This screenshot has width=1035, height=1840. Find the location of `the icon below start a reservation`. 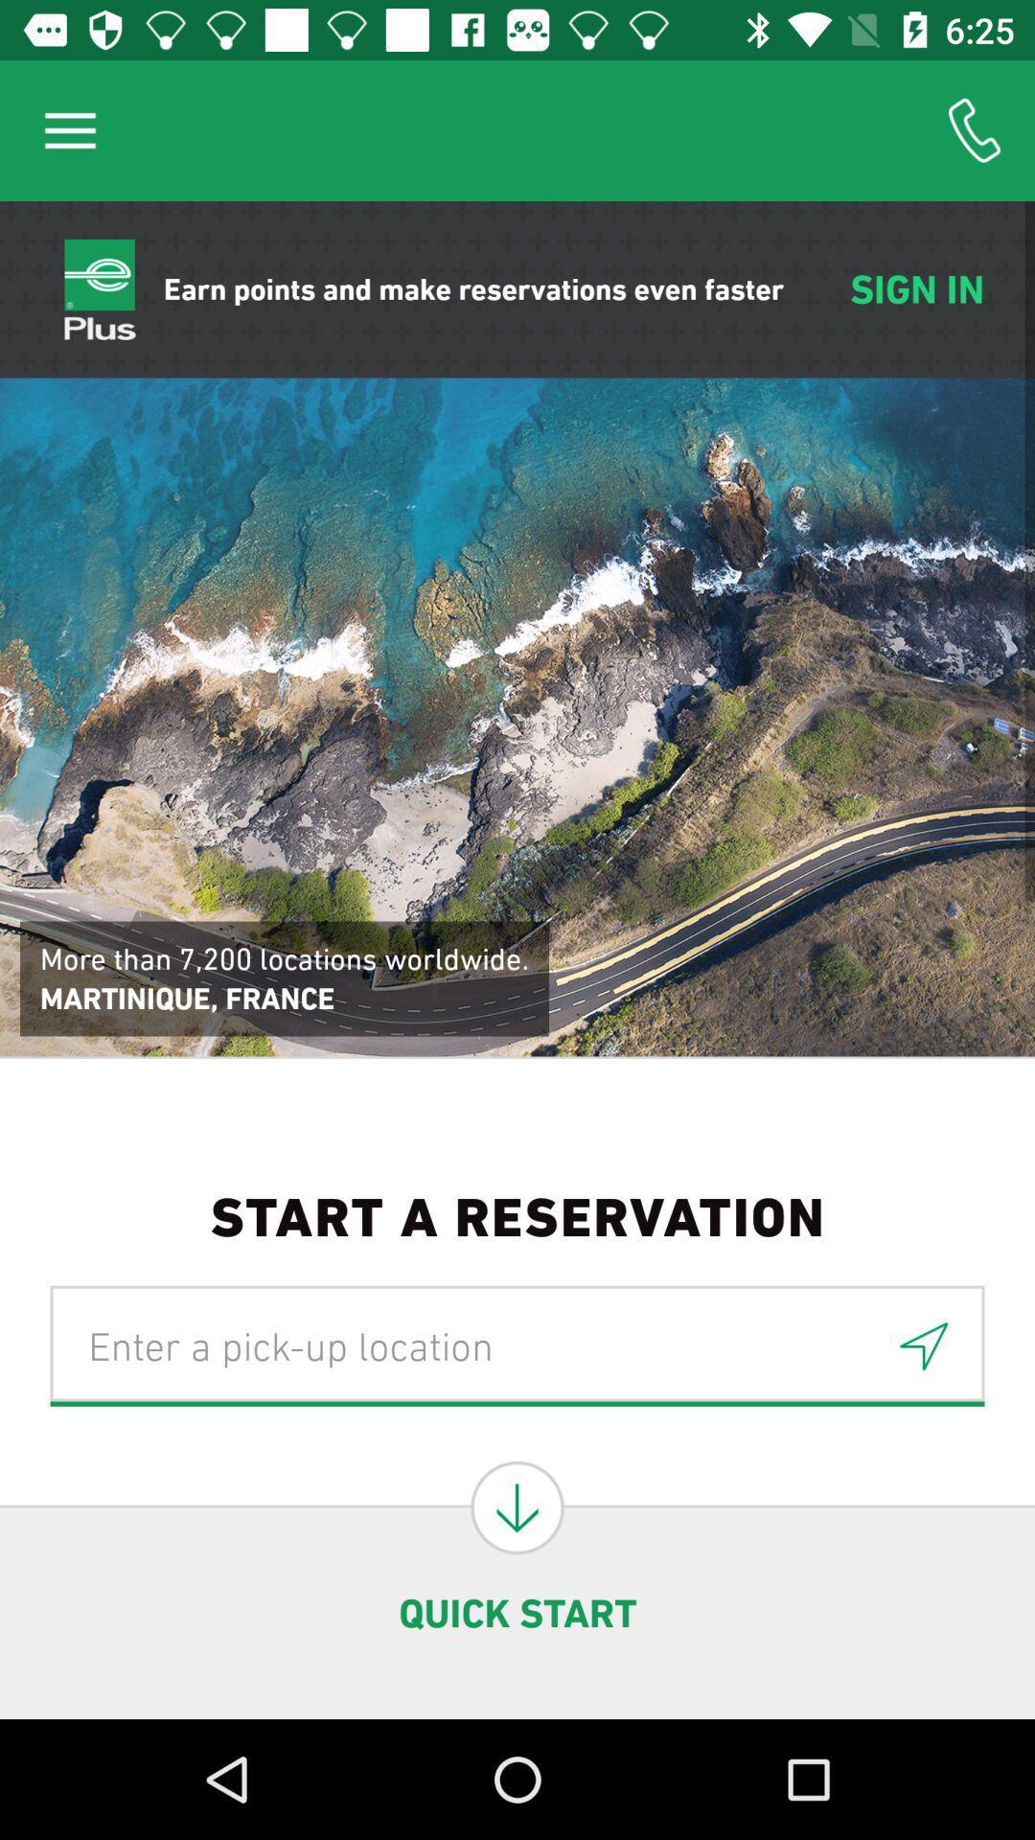

the icon below start a reservation is located at coordinates (517, 1345).